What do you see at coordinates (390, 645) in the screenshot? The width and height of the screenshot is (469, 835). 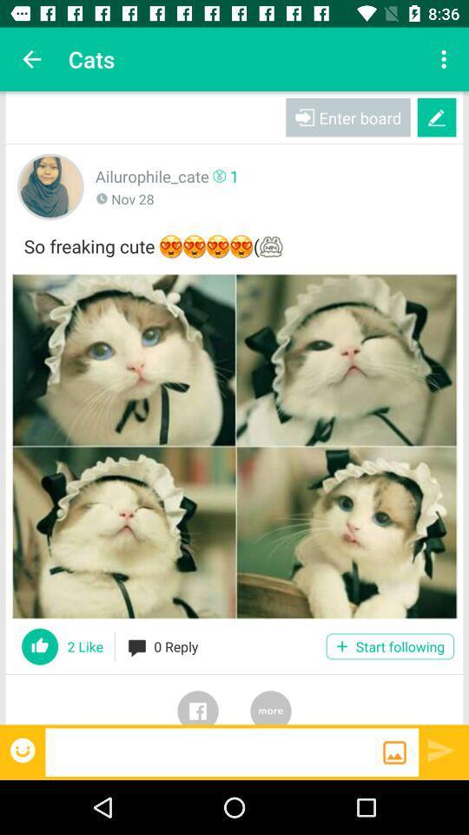 I see `the start following` at bounding box center [390, 645].